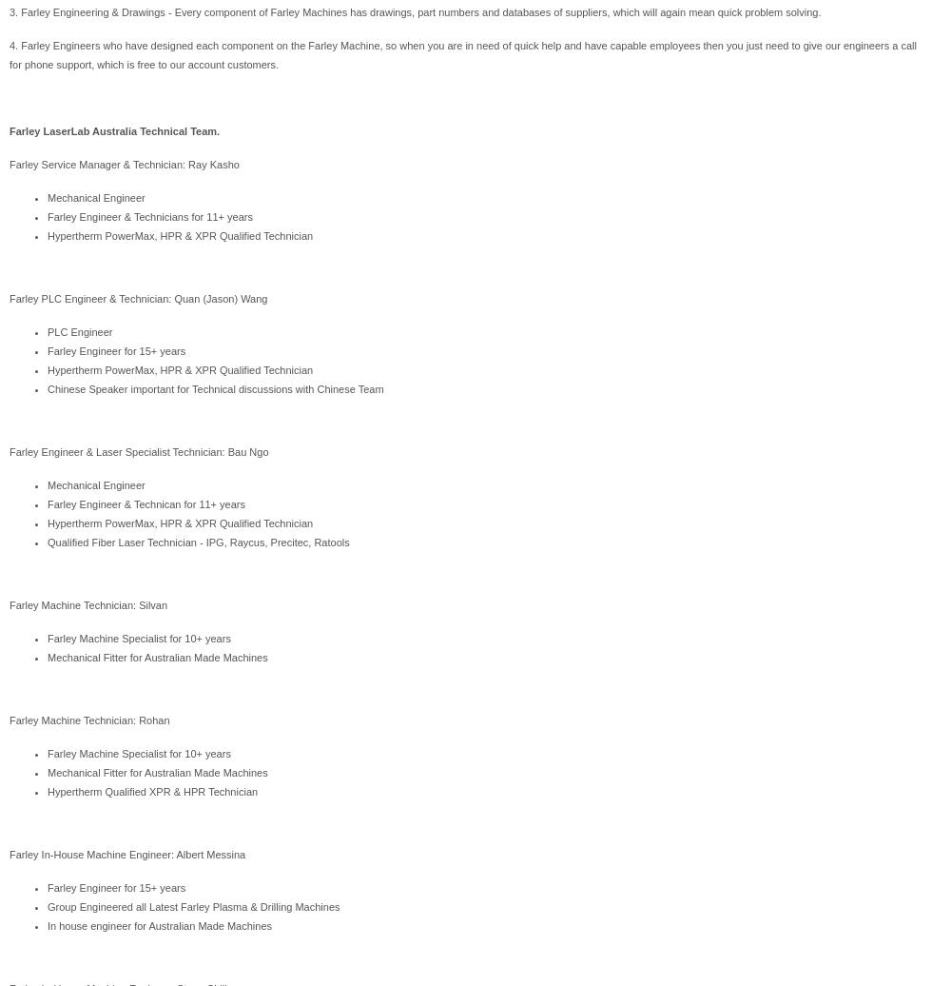 The width and height of the screenshot is (932, 986). Describe the element at coordinates (159, 926) in the screenshot. I see `'In house engineer for Australian Made Machines'` at that location.